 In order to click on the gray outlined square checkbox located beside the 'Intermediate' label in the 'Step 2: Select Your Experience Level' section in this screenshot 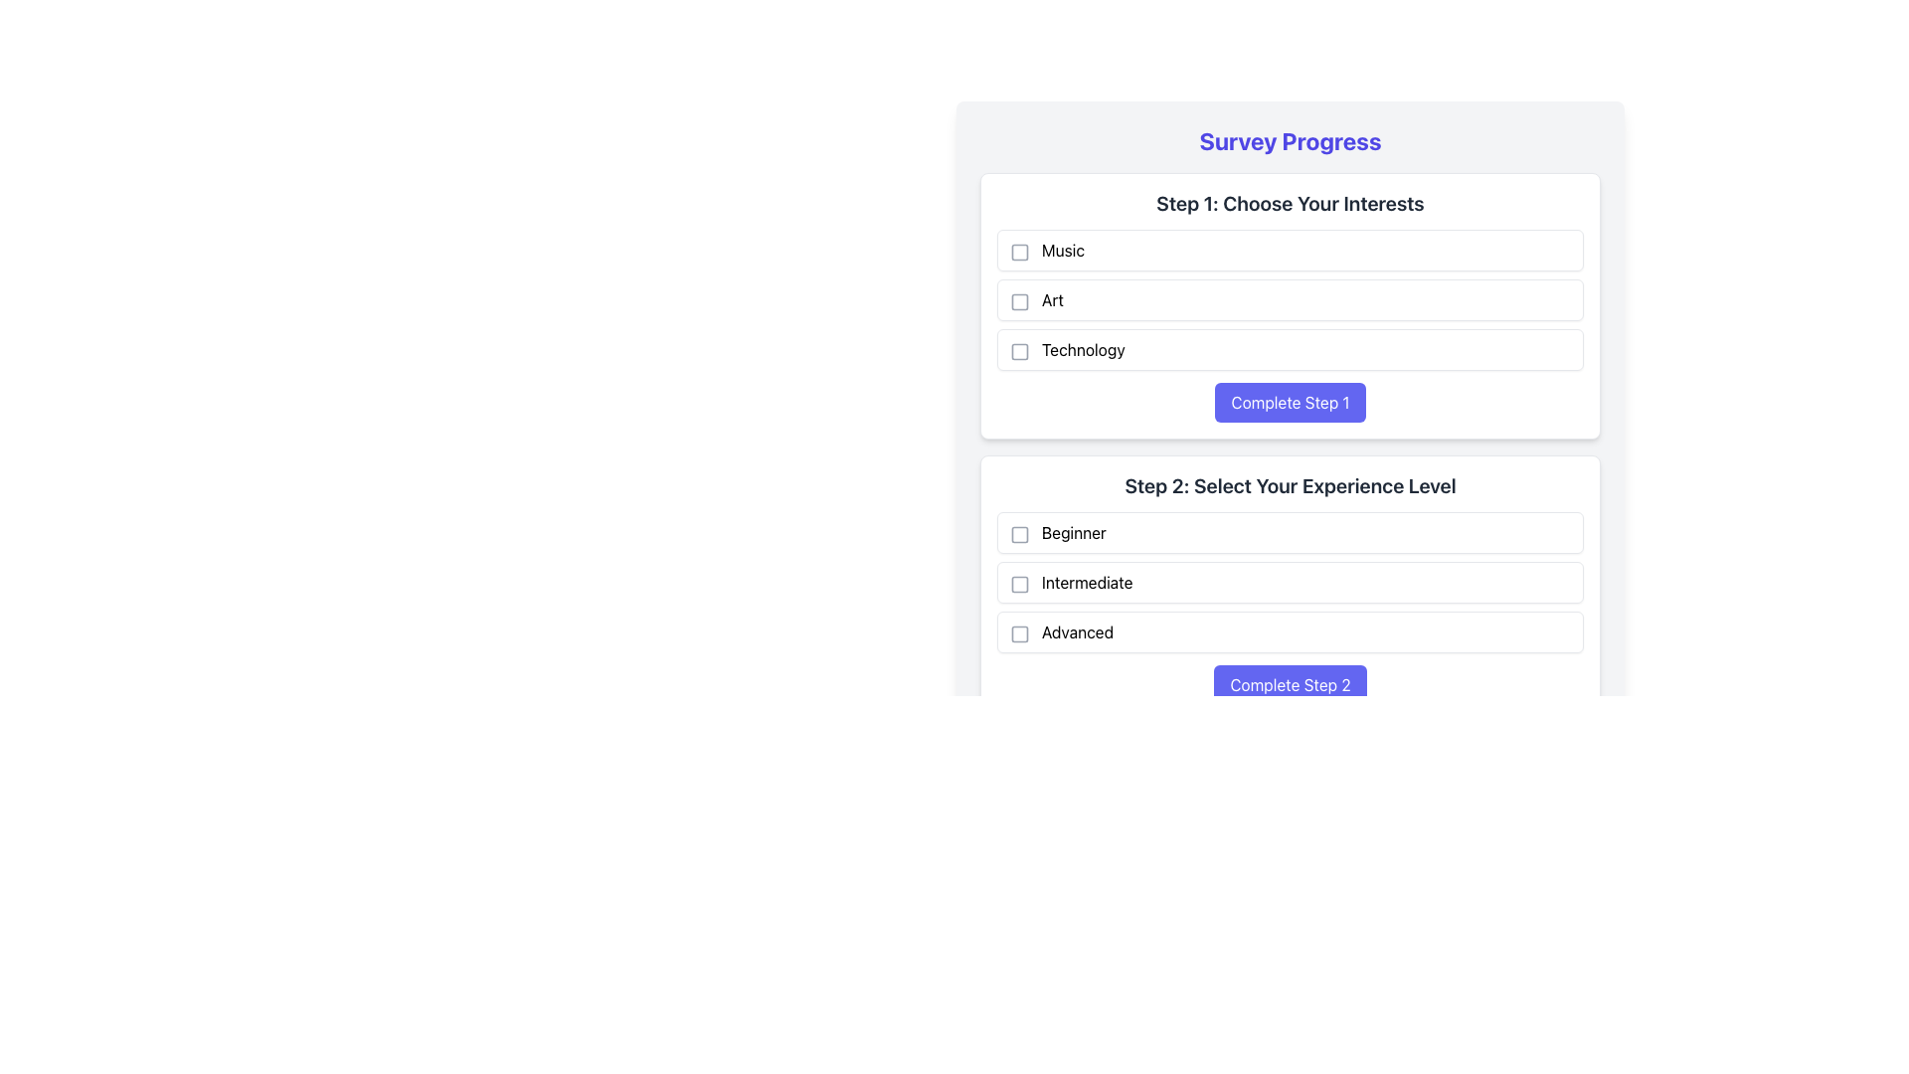, I will do `click(1020, 582)`.